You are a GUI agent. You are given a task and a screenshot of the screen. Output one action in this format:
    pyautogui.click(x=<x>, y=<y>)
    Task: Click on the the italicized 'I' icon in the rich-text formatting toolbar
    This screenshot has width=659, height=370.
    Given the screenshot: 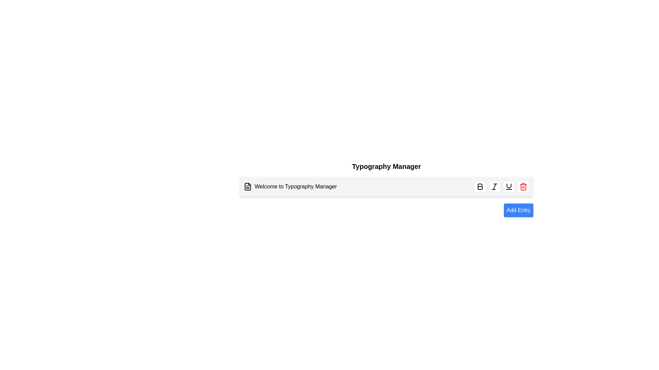 What is the action you would take?
    pyautogui.click(x=494, y=186)
    